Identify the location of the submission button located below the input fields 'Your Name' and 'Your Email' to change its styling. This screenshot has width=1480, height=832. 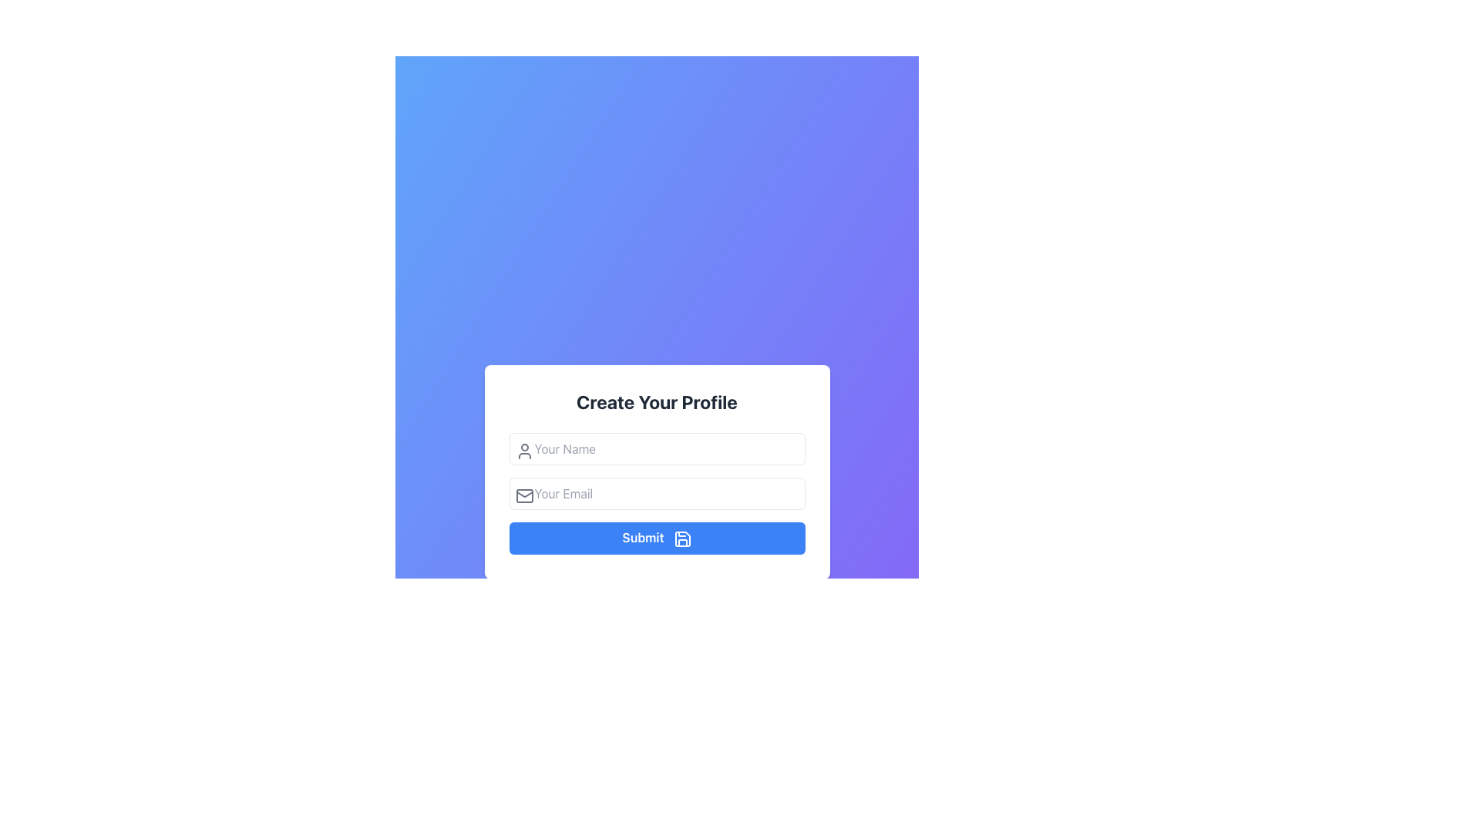
(657, 537).